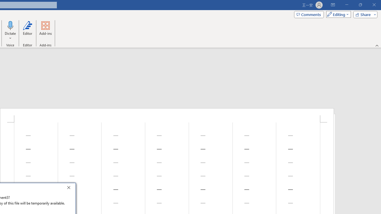  I want to click on 'Mode', so click(337, 14).